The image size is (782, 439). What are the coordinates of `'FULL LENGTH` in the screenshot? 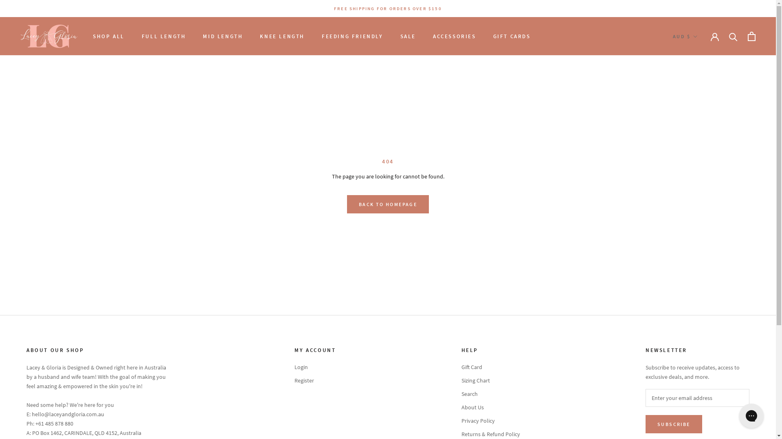 It's located at (163, 36).